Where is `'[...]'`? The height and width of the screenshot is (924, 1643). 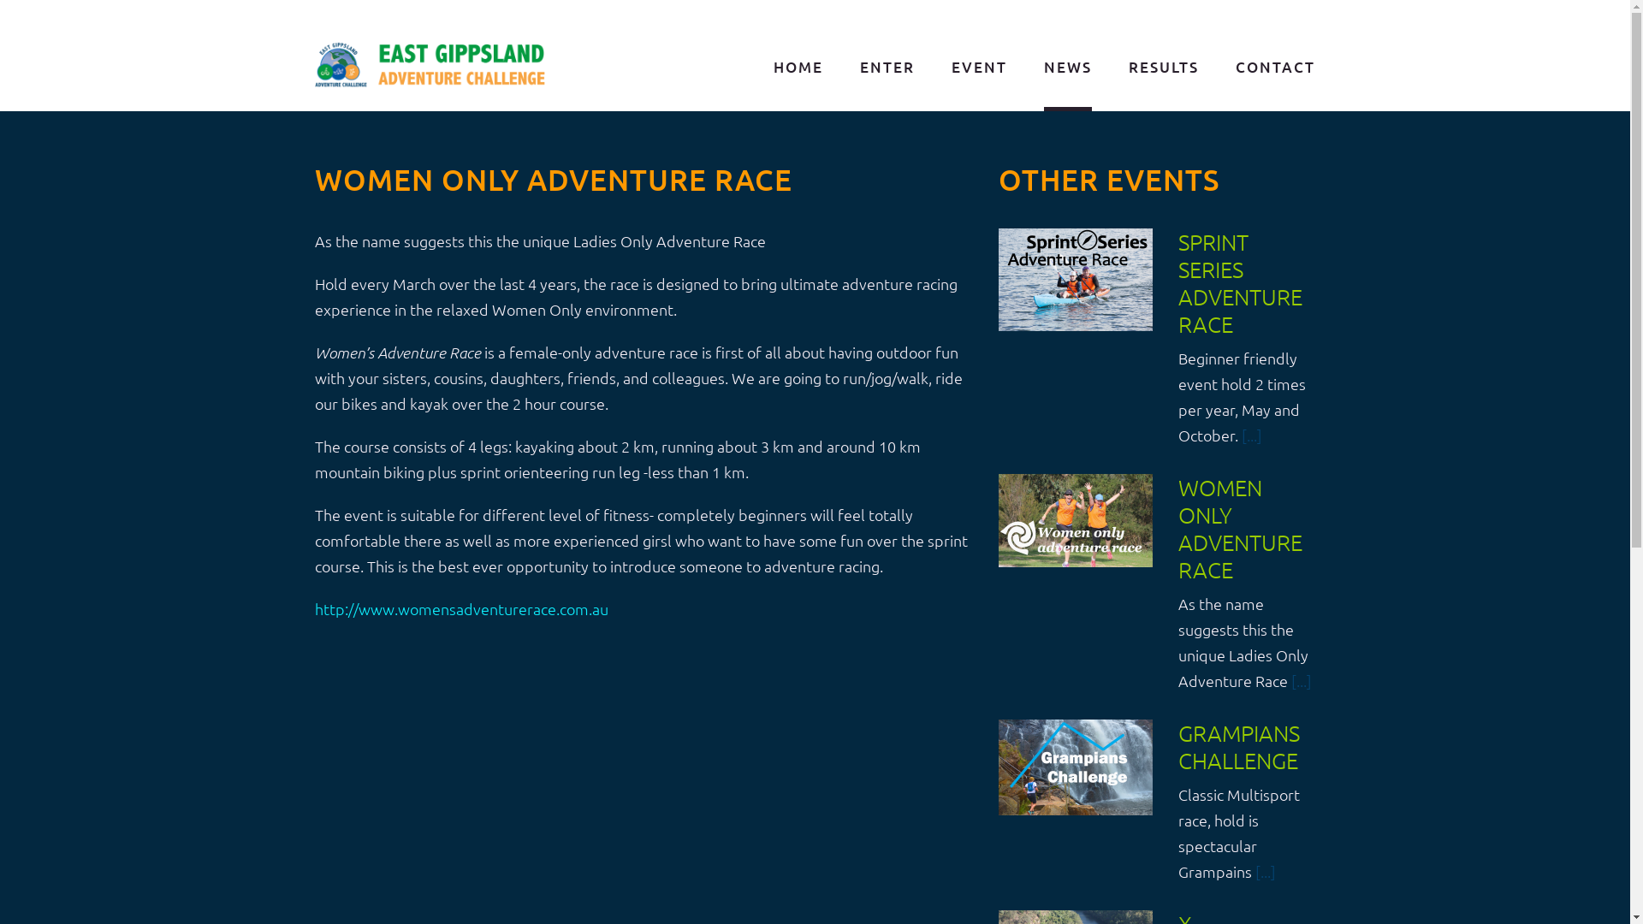 '[...]' is located at coordinates (1252, 434).